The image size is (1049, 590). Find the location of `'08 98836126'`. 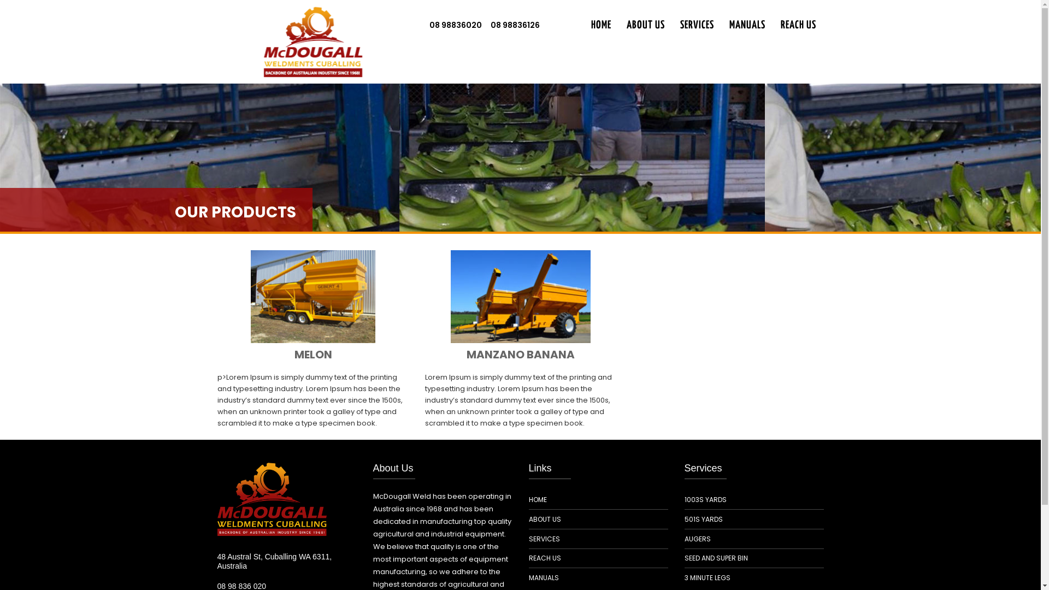

'08 98836126' is located at coordinates (485, 25).